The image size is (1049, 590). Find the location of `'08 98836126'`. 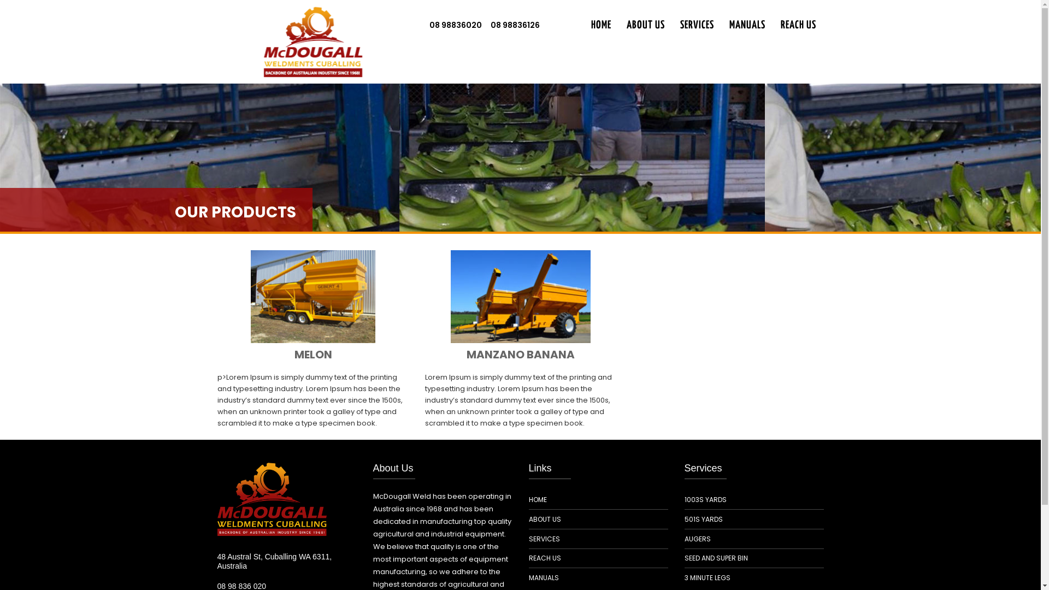

'08 98836126' is located at coordinates (485, 25).